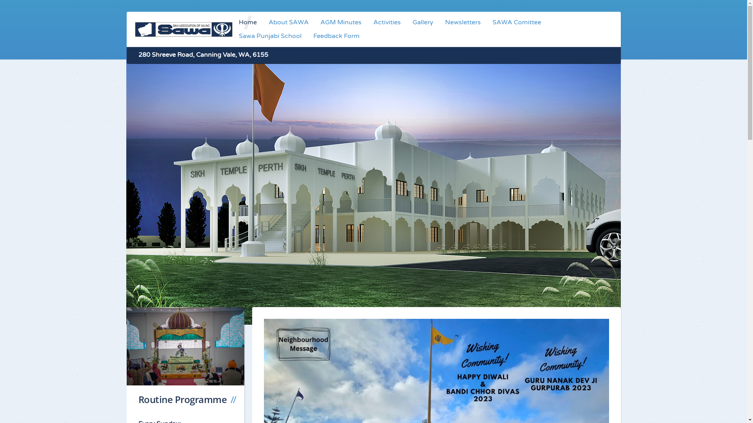  Describe the element at coordinates (336, 36) in the screenshot. I see `'Feedback Form'` at that location.